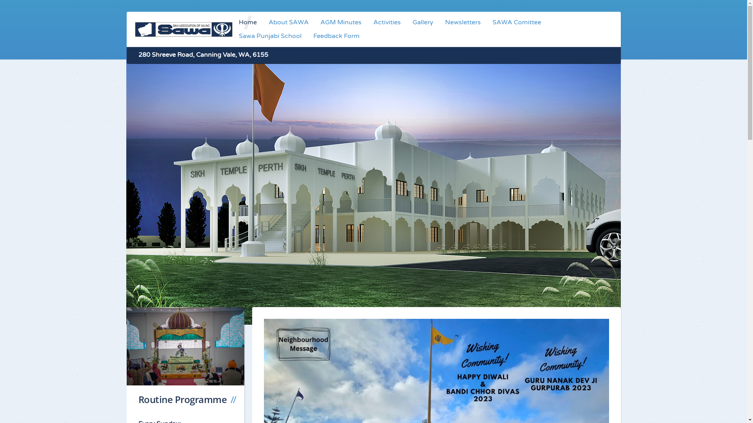  Describe the element at coordinates (336, 36) in the screenshot. I see `'Feedback Form'` at that location.